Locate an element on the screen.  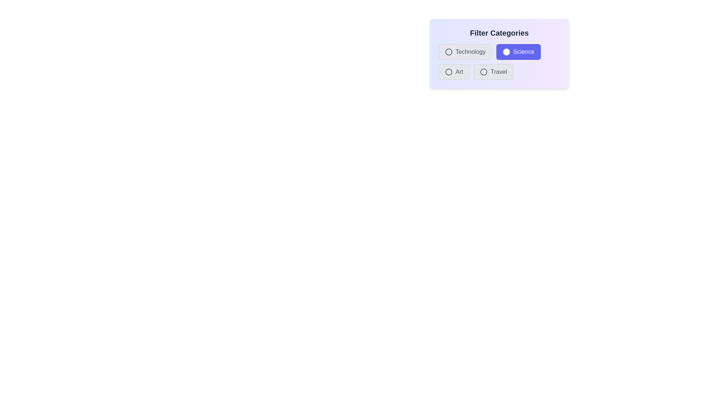
the category Travel is located at coordinates (483, 72).